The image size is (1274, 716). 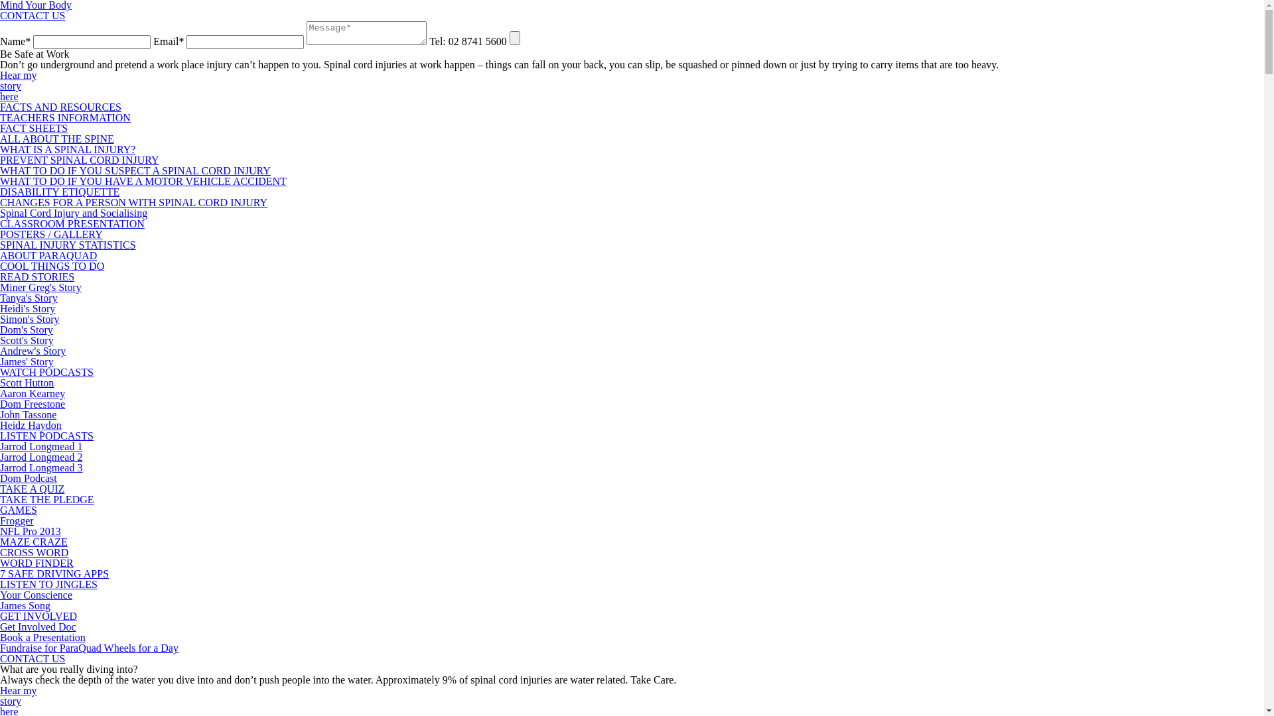 What do you see at coordinates (88, 647) in the screenshot?
I see `'Fundraise for ParaQuad Wheels for a Day'` at bounding box center [88, 647].